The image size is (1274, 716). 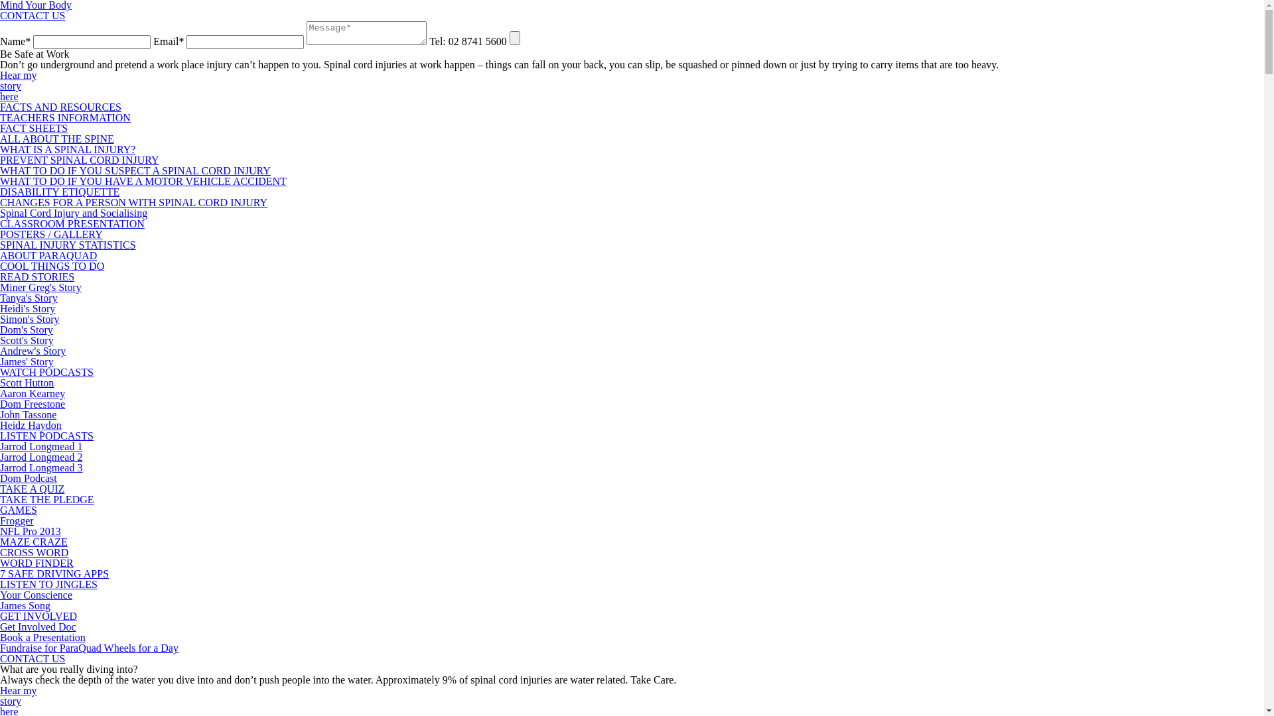 What do you see at coordinates (88, 647) in the screenshot?
I see `'Fundraise for ParaQuad Wheels for a Day'` at bounding box center [88, 647].